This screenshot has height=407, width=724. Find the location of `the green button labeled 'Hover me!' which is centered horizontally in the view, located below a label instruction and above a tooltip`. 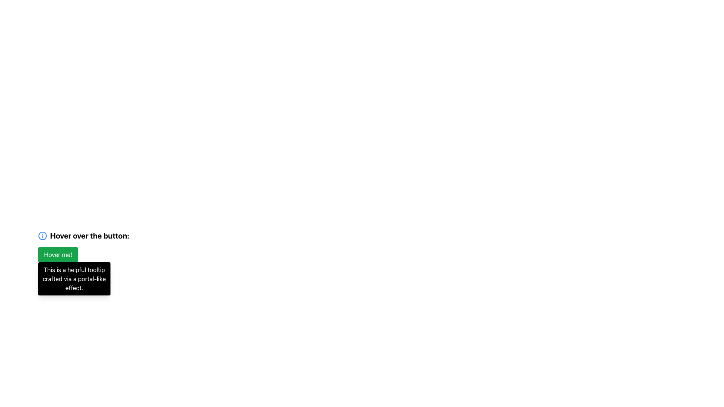

the green button labeled 'Hover me!' which is centered horizontally in the view, located below a label instruction and above a tooltip is located at coordinates (58, 254).